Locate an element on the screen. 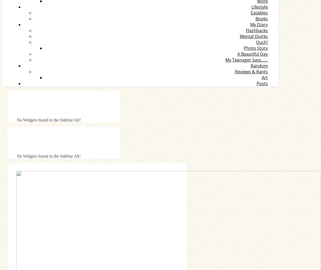 This screenshot has height=270, width=321. 'Art' is located at coordinates (265, 77).